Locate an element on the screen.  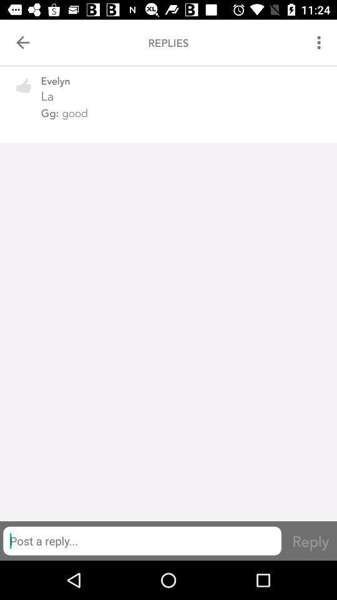
your reply is located at coordinates (141, 540).